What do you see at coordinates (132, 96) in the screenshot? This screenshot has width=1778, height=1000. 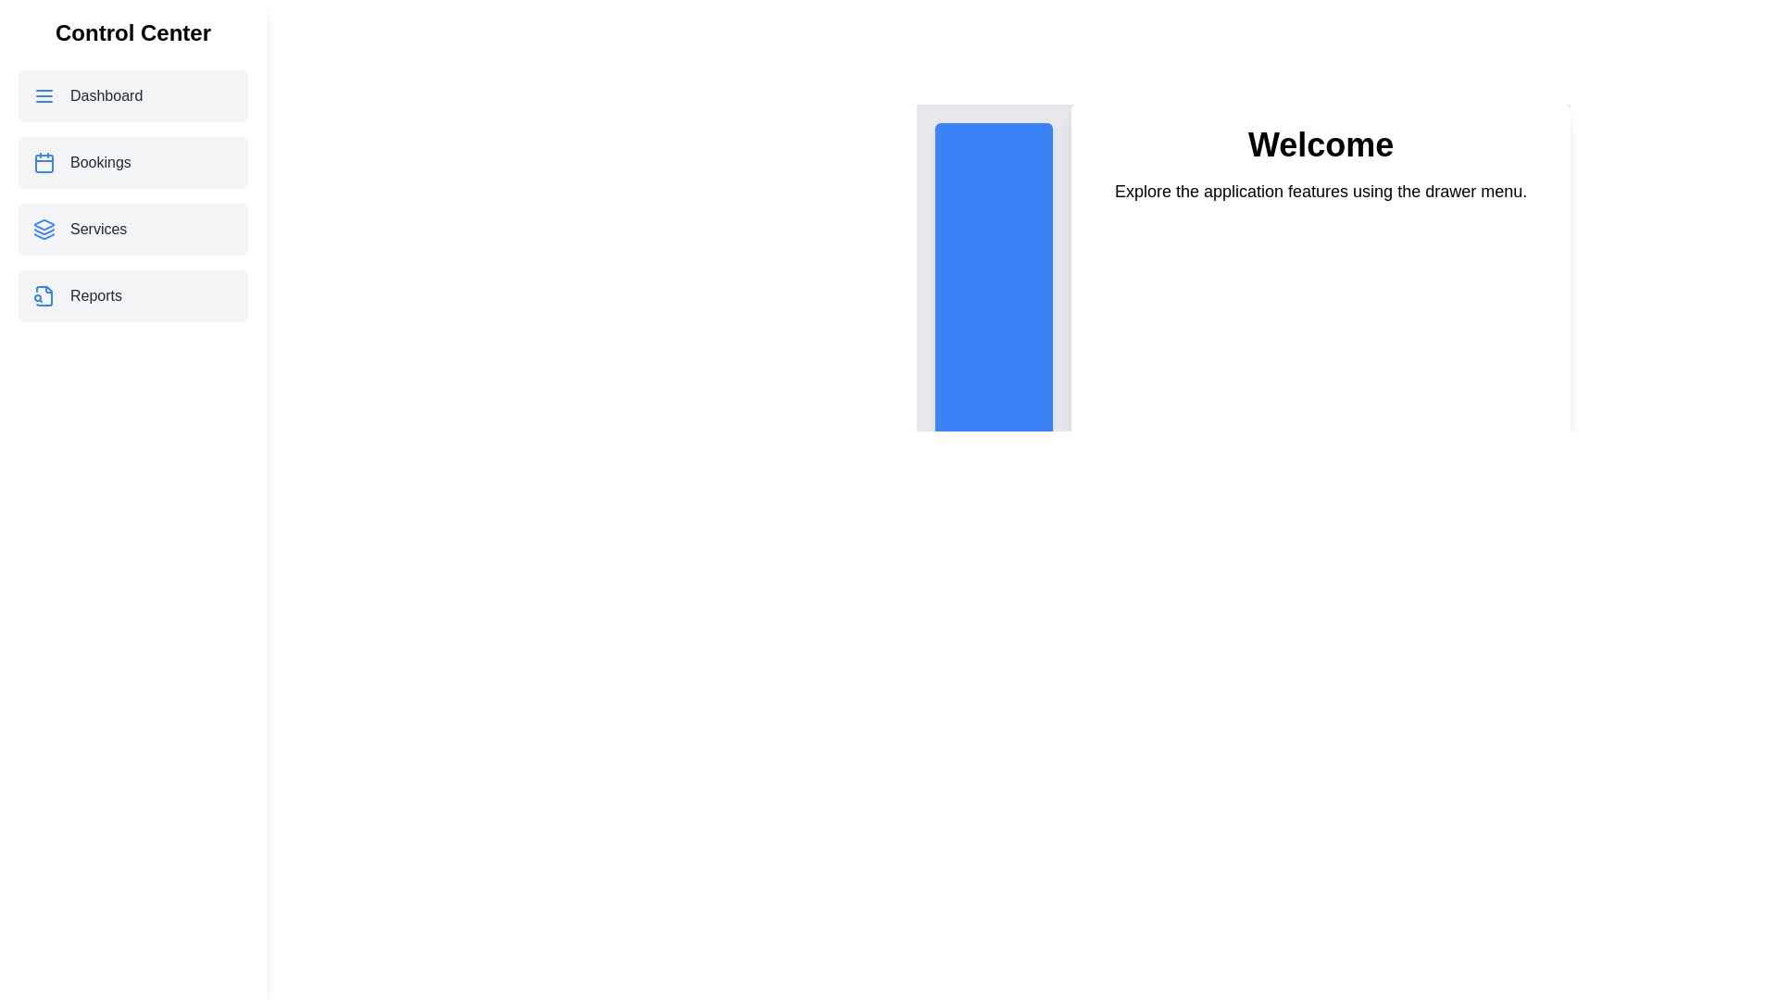 I see `the menu item Dashboard` at bounding box center [132, 96].